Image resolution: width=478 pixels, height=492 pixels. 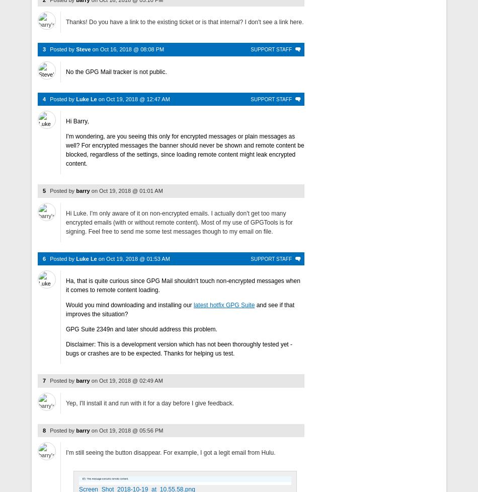 I want to click on 'and see if that improves the situation?', so click(x=179, y=309).